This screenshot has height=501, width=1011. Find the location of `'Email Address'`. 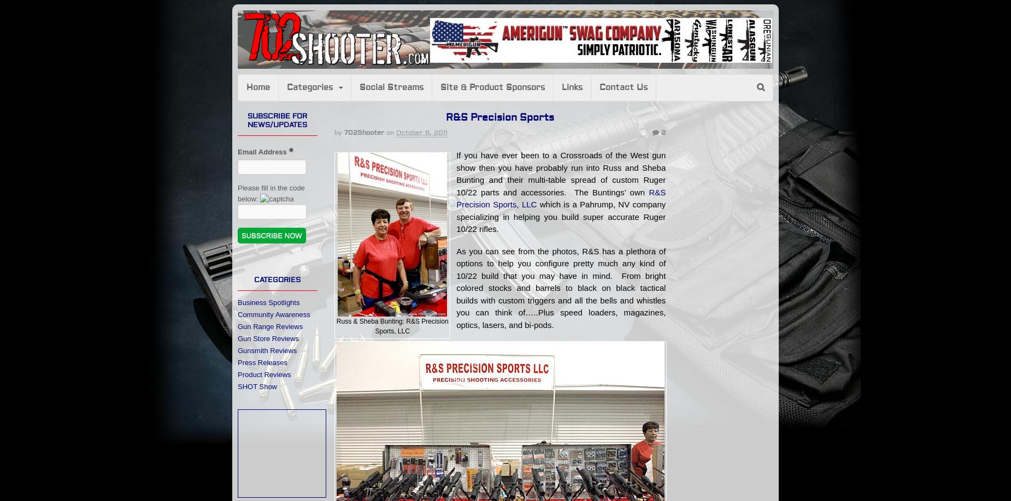

'Email Address' is located at coordinates (263, 151).